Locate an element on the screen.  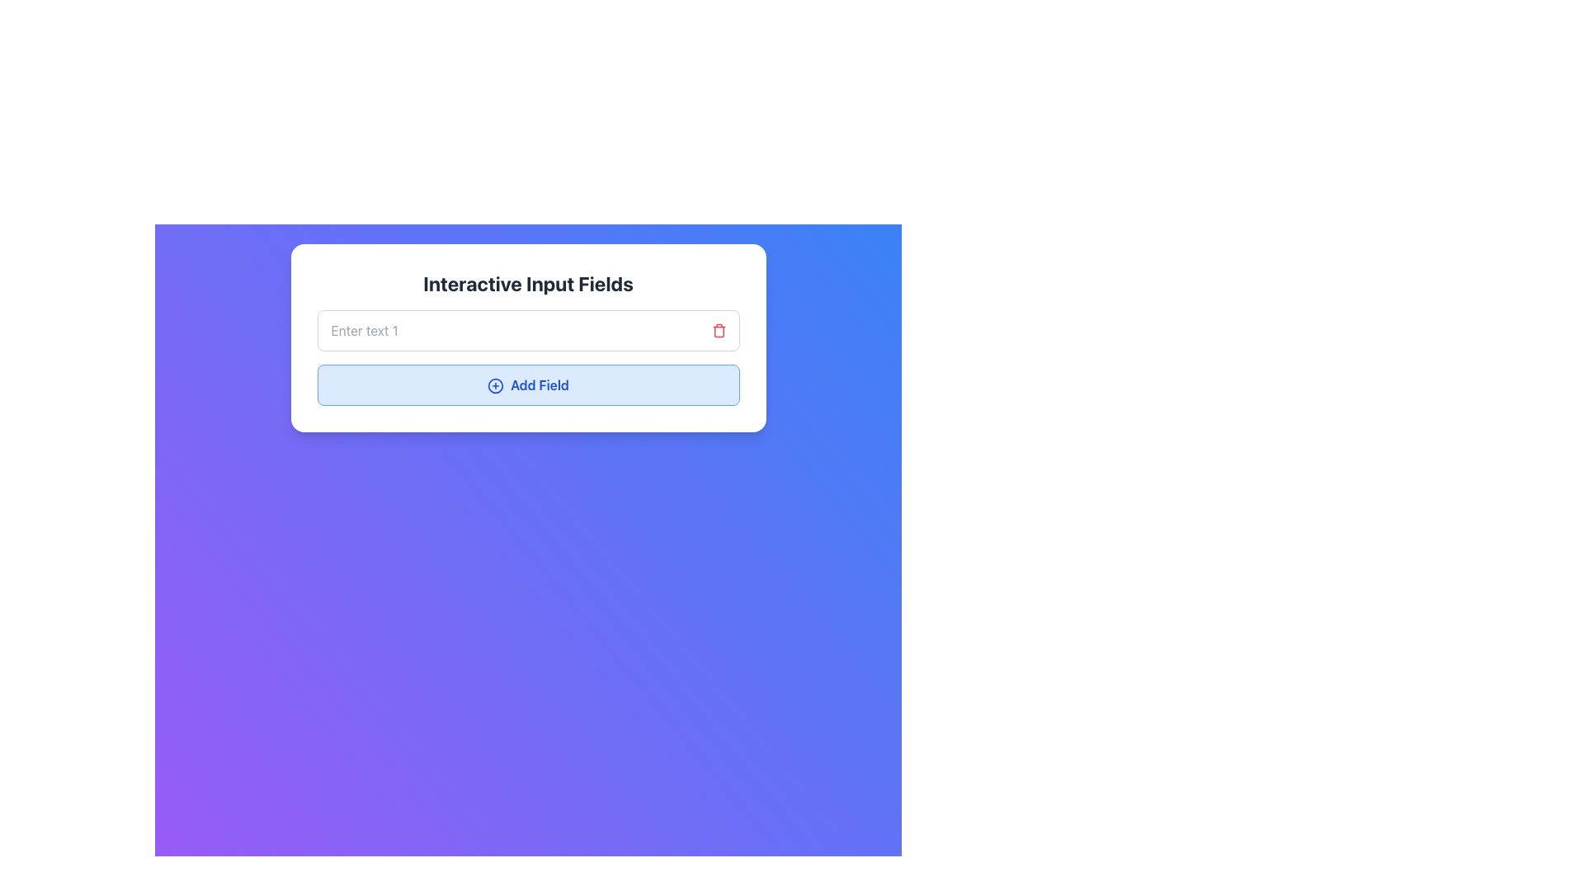
the Icon located on the left-hand side of the 'Add Field' button to interact with the functionality of adding a new field or entry is located at coordinates (494, 385).